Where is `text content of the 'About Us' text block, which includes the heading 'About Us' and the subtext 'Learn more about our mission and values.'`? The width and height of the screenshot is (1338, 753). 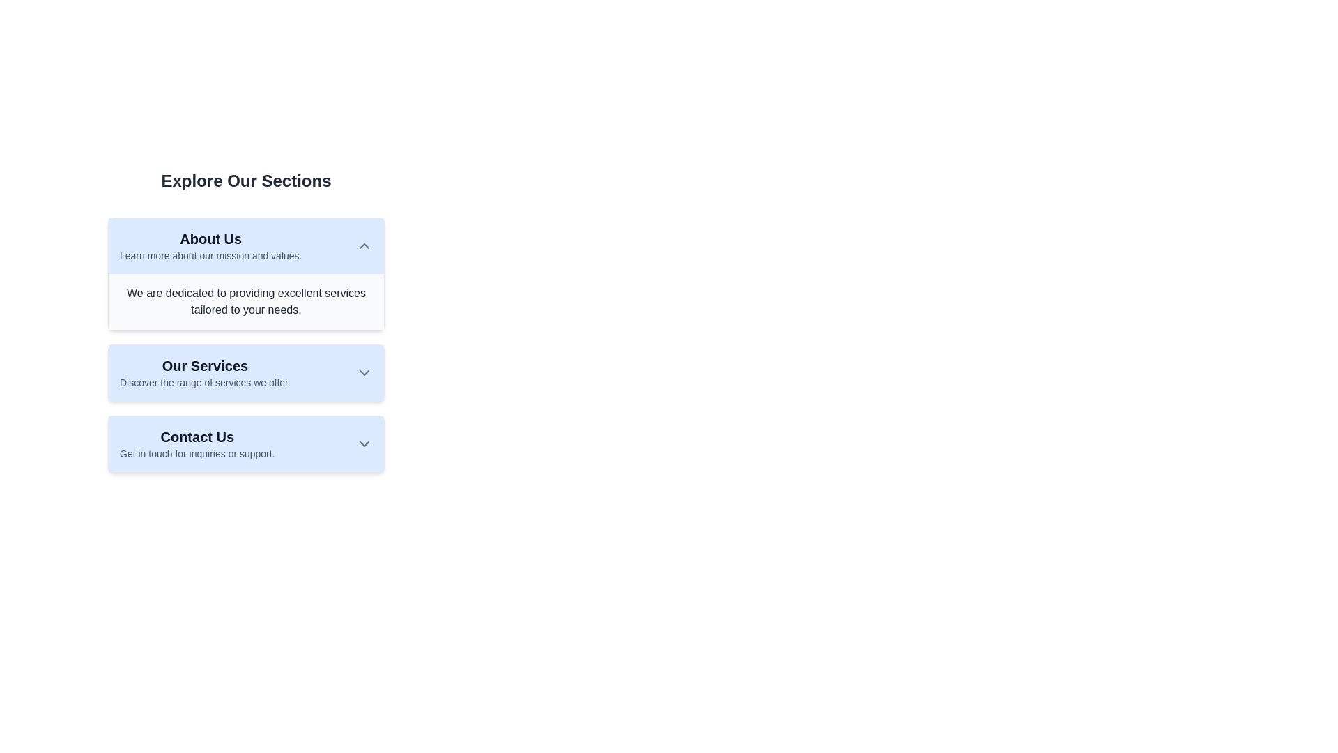
text content of the 'About Us' text block, which includes the heading 'About Us' and the subtext 'Learn more about our mission and values.' is located at coordinates (210, 245).